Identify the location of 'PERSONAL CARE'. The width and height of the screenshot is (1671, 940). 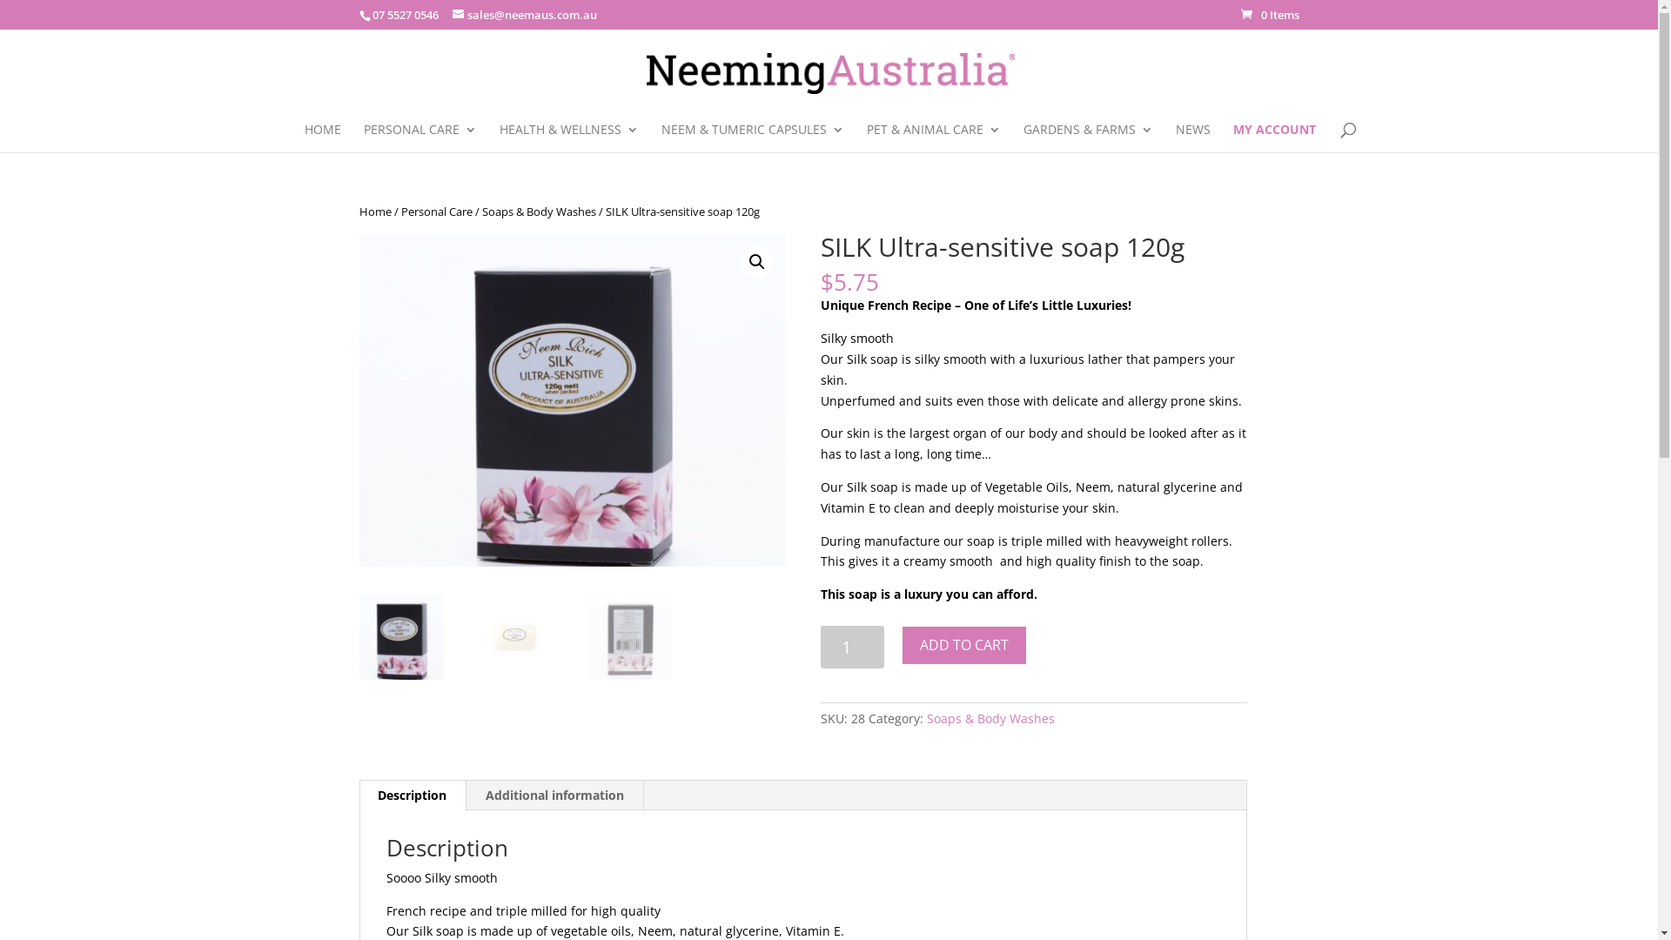
(420, 137).